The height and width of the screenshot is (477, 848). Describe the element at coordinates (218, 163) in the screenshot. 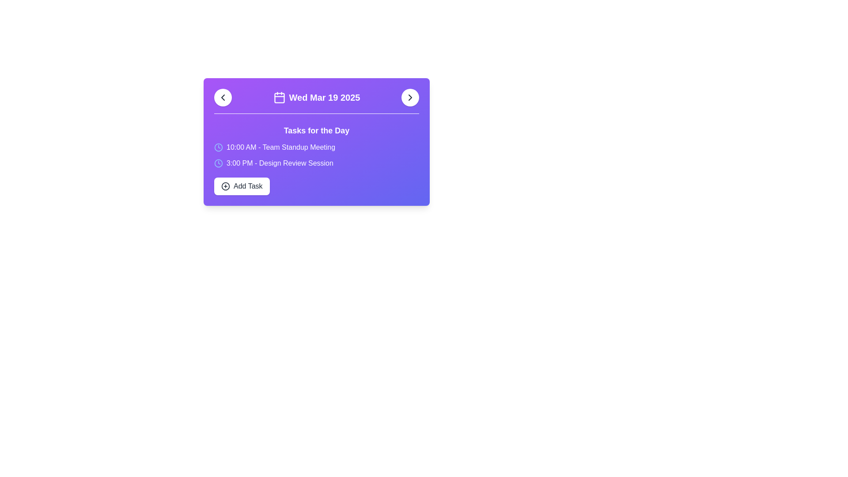

I see `the blue circular SVG element that represents the outer frame of the clock icon, located to the left of the text '10:00 AM - Team Standup Meeting'` at that location.